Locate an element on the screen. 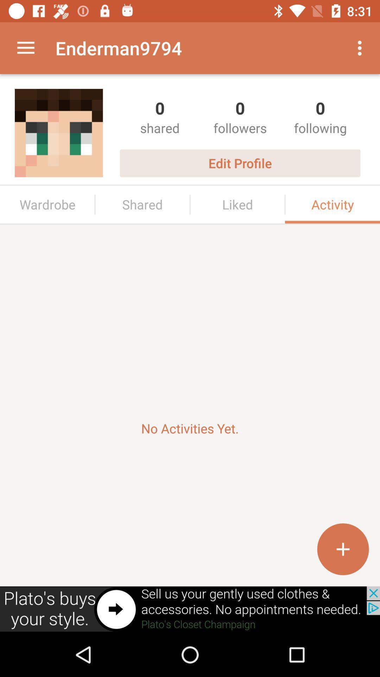  advertisement is located at coordinates (190, 609).